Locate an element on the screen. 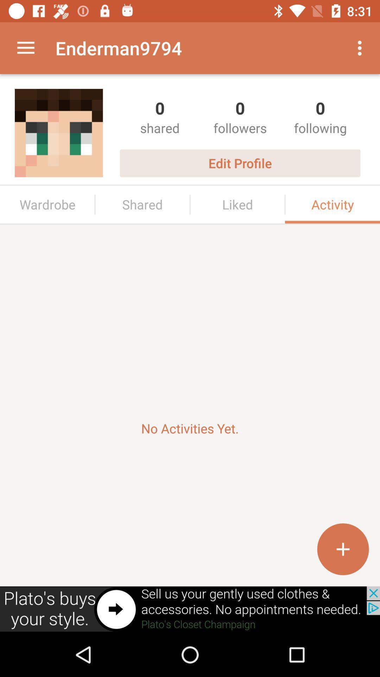  advertisement is located at coordinates (190, 609).